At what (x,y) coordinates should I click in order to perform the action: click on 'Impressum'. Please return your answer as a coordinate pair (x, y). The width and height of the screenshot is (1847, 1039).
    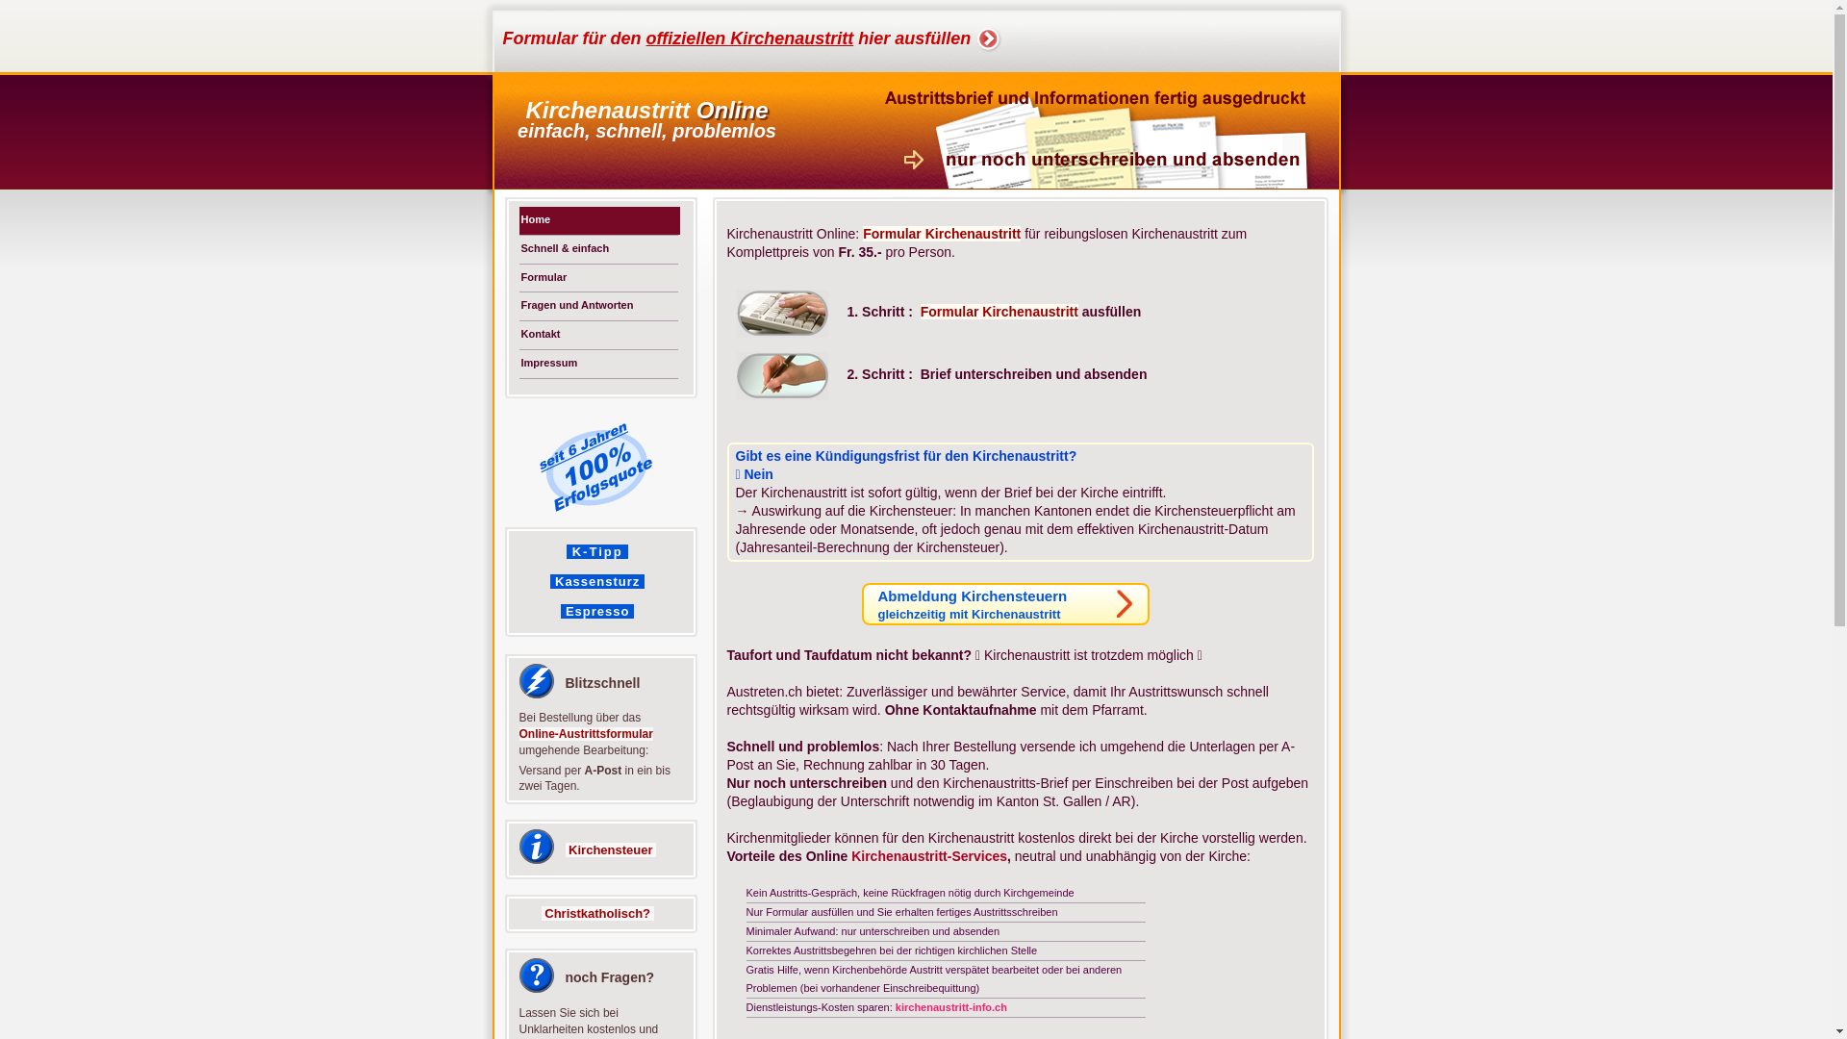
    Looking at the image, I should click on (598, 364).